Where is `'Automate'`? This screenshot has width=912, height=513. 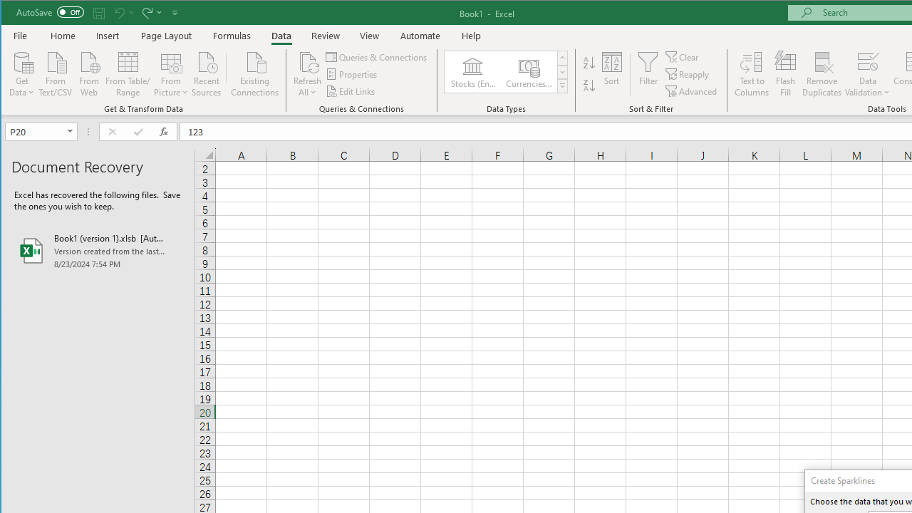
'Automate' is located at coordinates (420, 35).